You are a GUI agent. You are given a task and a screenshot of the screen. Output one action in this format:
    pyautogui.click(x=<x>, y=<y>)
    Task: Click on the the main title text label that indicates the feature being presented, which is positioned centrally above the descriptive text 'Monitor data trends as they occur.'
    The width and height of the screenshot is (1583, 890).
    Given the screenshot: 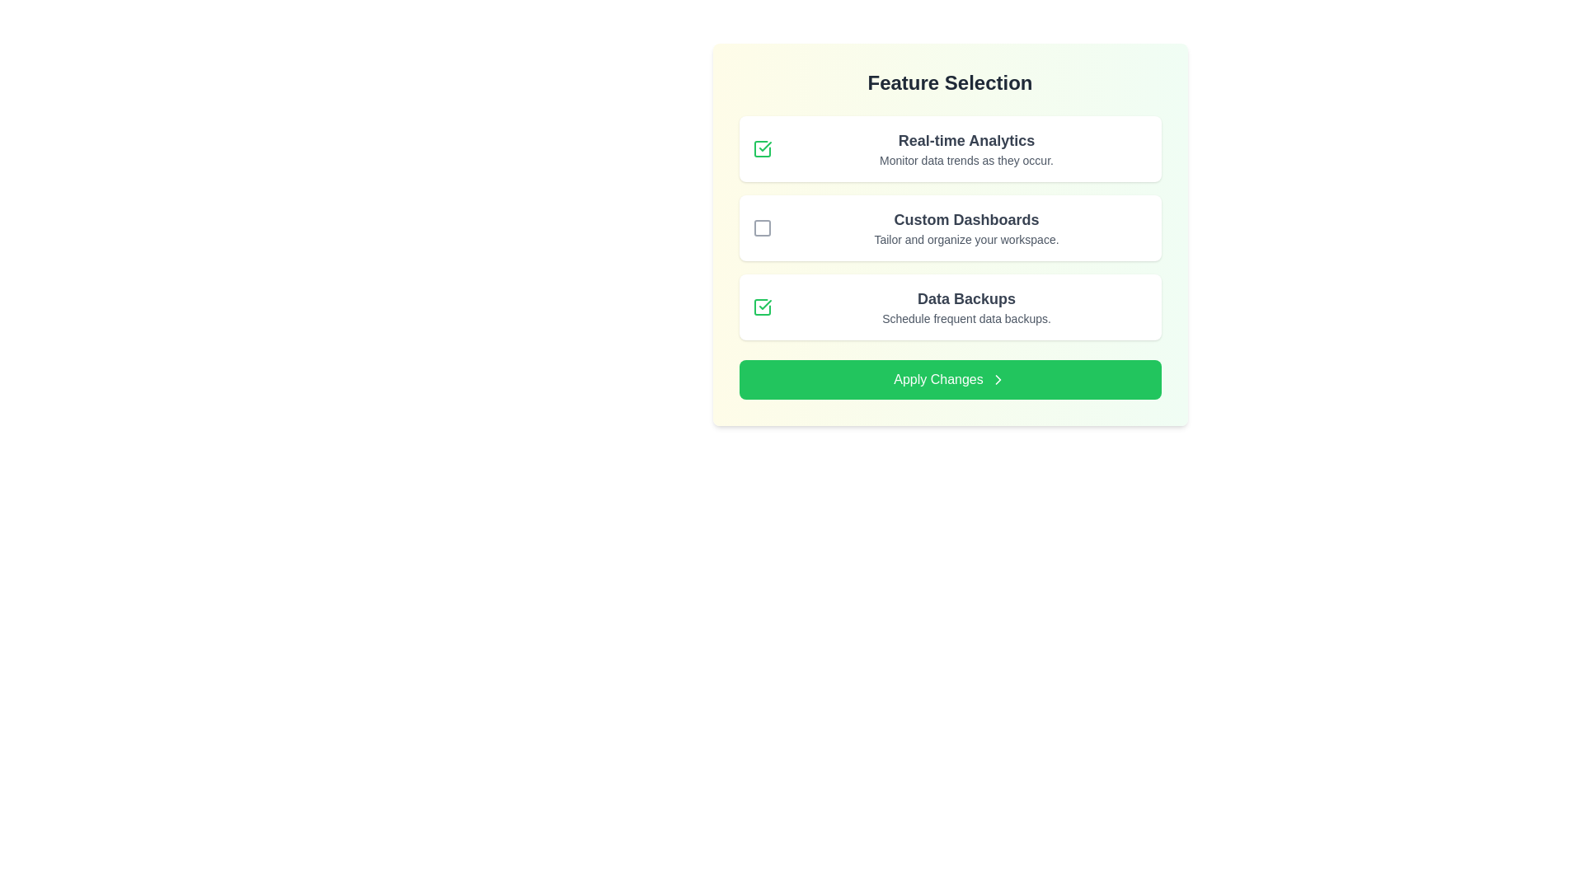 What is the action you would take?
    pyautogui.click(x=966, y=139)
    